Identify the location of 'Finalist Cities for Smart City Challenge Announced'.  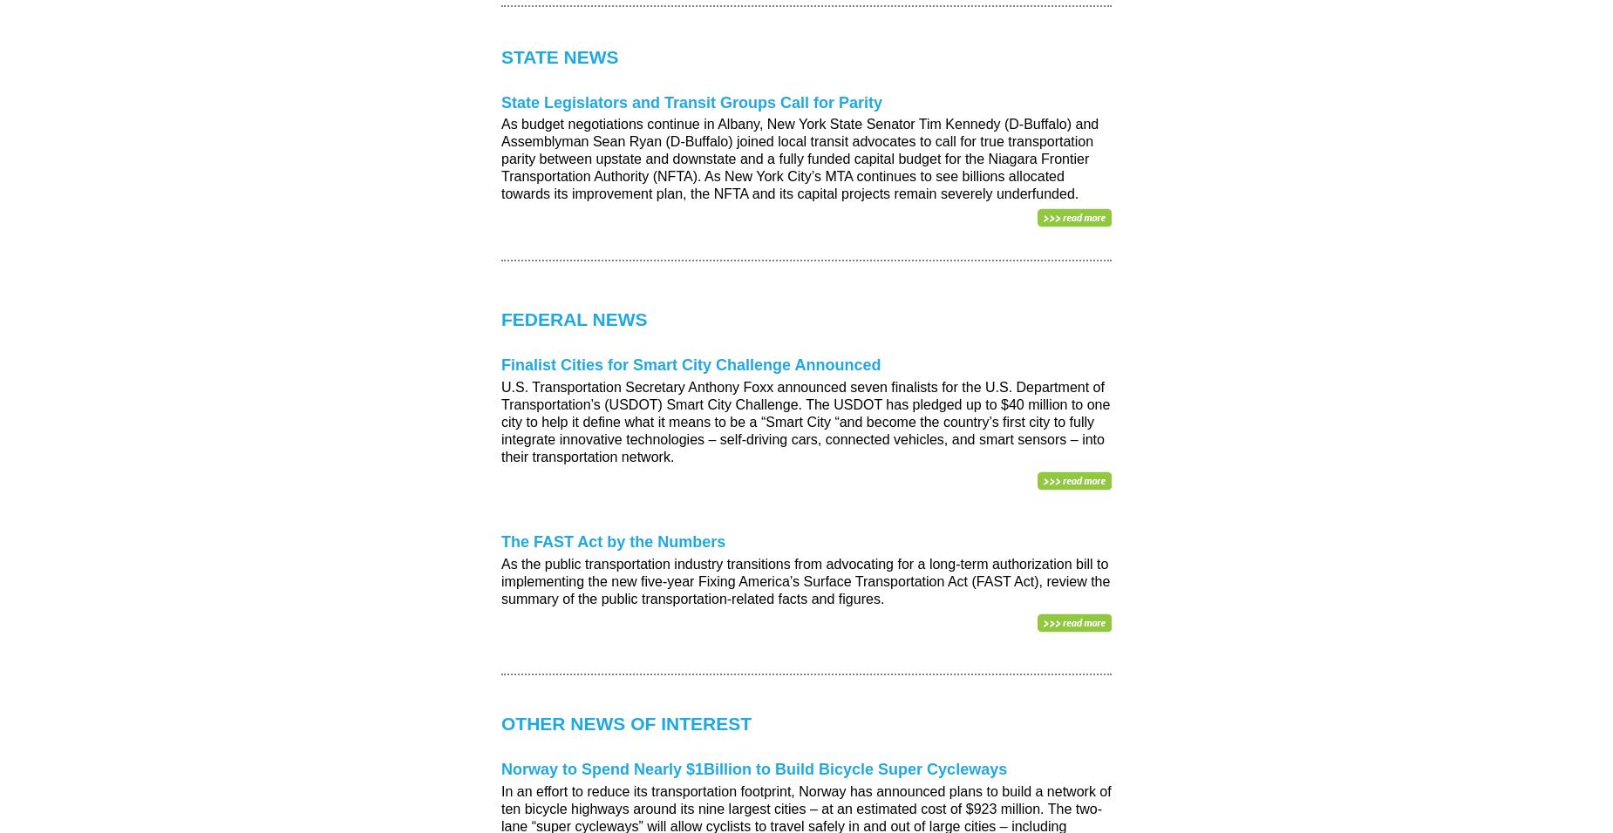
(691, 365).